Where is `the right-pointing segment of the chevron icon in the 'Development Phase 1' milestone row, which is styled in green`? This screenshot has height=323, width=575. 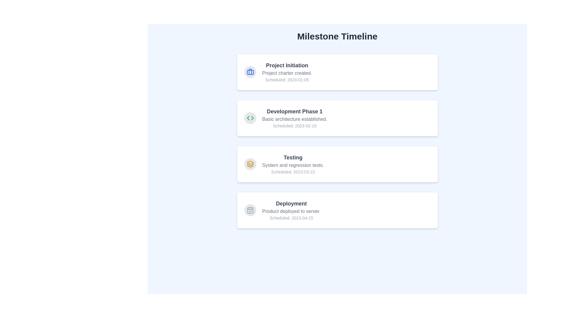 the right-pointing segment of the chevron icon in the 'Development Phase 1' milestone row, which is styled in green is located at coordinates (252, 118).